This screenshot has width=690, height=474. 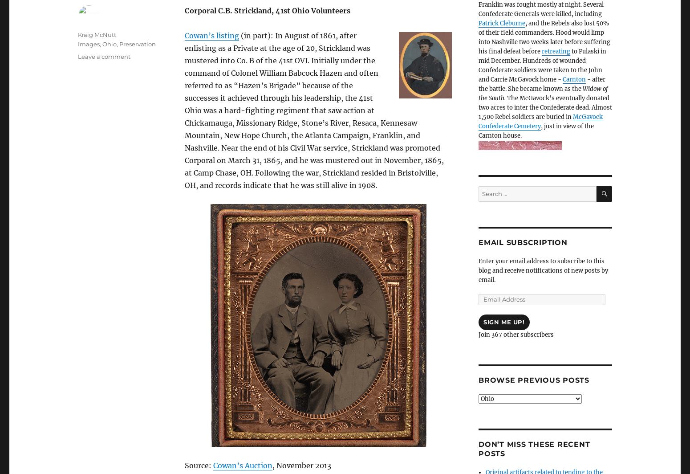 I want to click on 'Don’t miss these recent posts', so click(x=534, y=448).